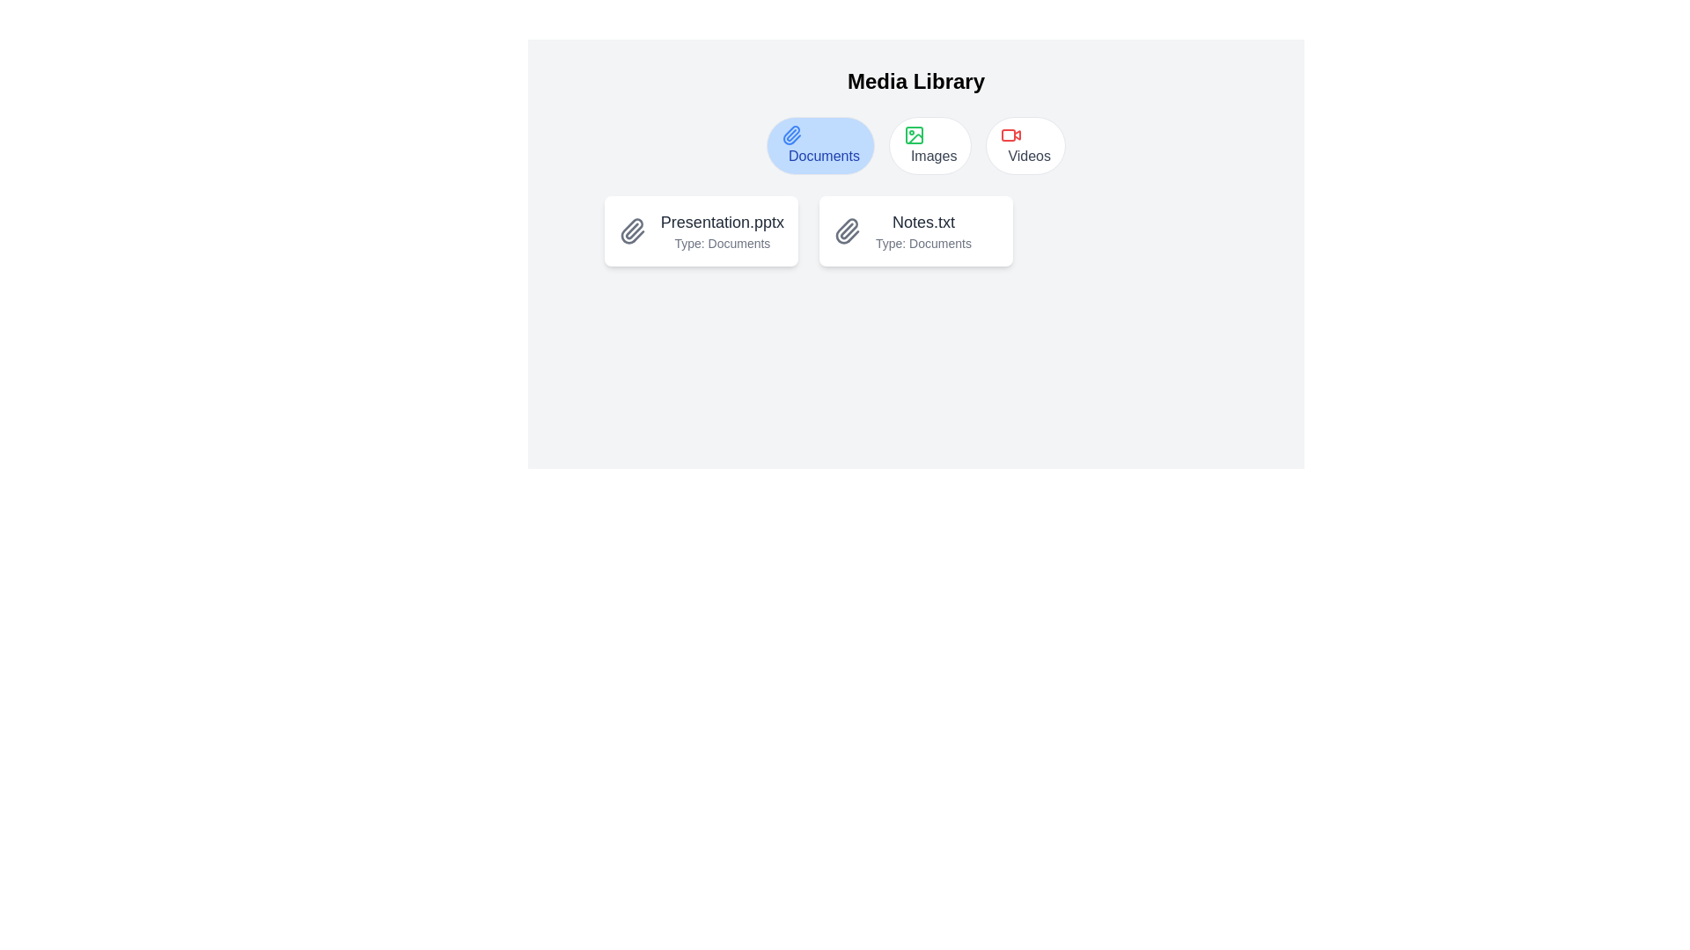  I want to click on the 'Images' text label within the interactive pill-shaped button cluster, so click(933, 155).